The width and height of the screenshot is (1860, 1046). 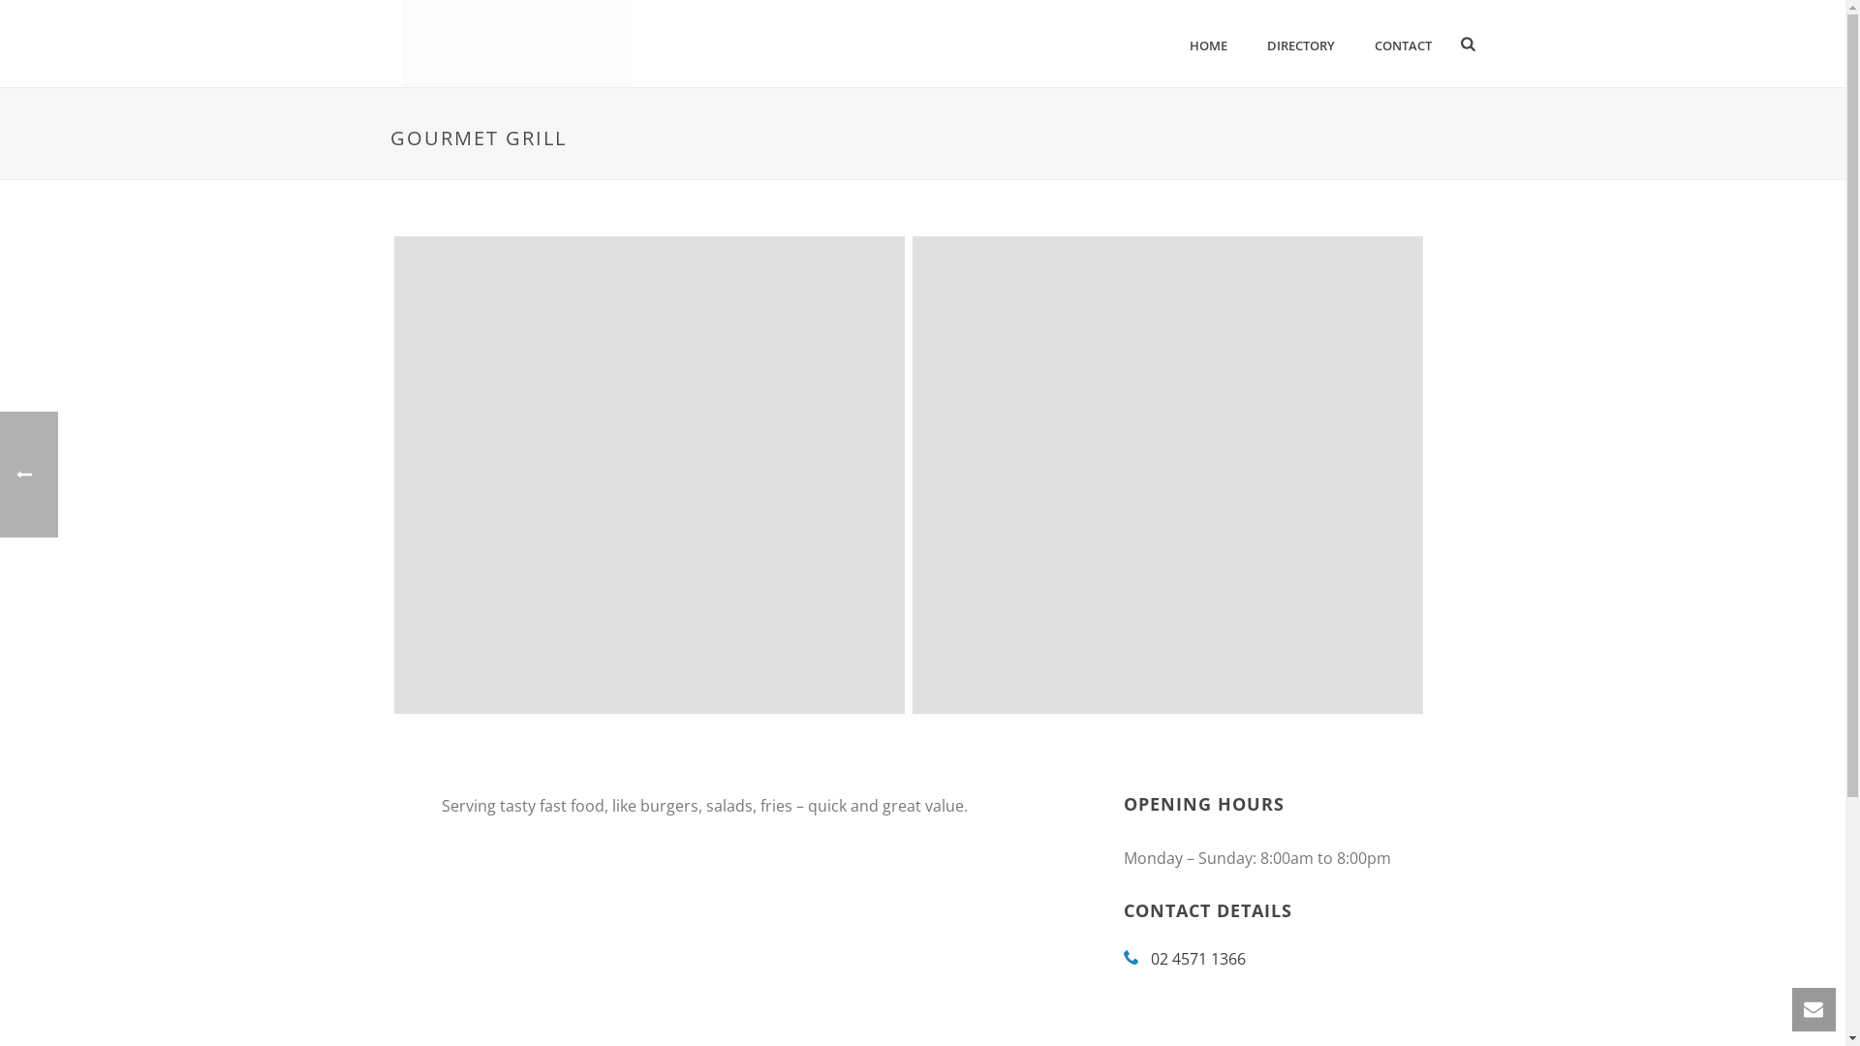 I want to click on '6-16-riverview-st-north-richmond-269', so click(x=648, y=475).